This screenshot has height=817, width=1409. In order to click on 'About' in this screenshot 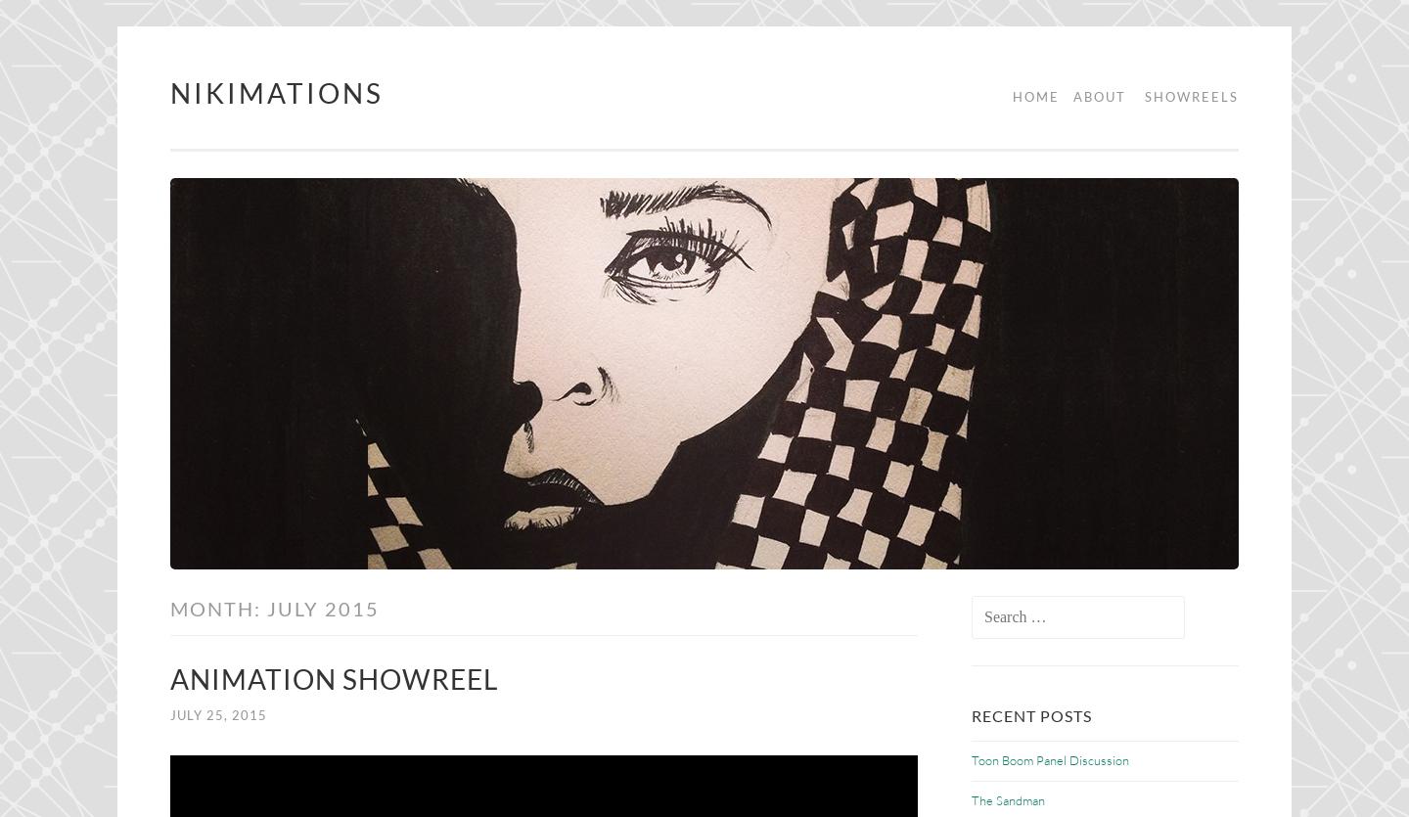, I will do `click(1071, 96)`.